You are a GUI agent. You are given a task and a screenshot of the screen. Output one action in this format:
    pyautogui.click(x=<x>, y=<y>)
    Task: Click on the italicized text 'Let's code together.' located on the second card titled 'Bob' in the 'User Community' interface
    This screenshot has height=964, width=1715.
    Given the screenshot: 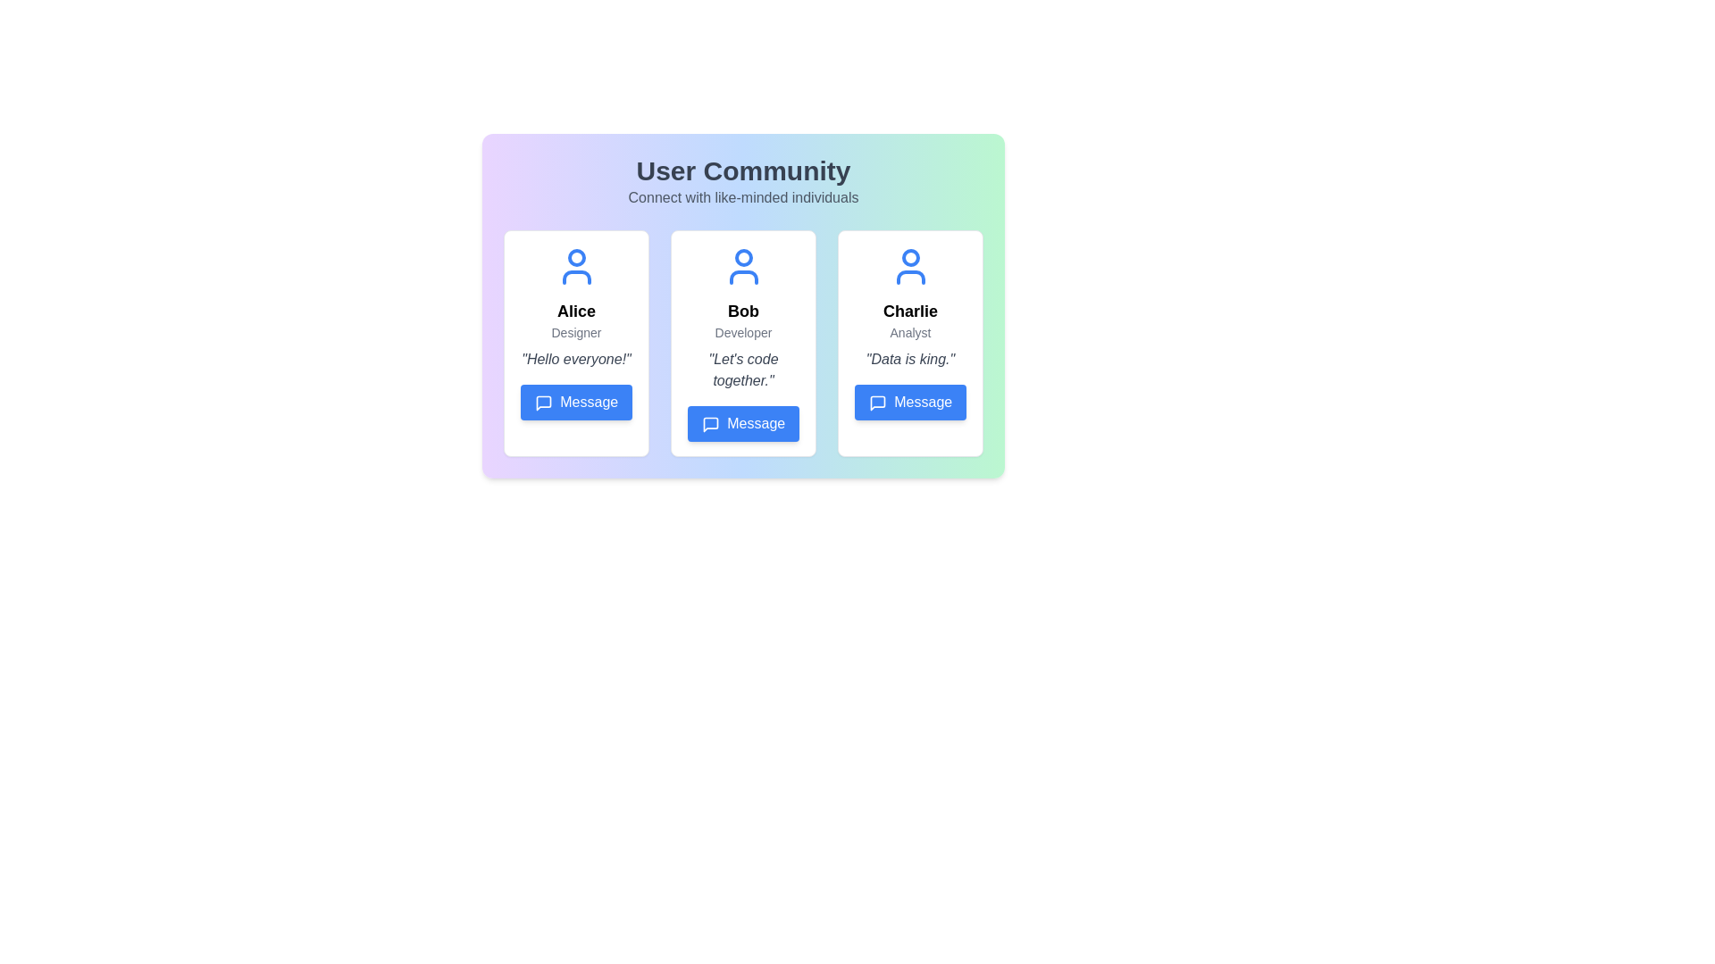 What is the action you would take?
    pyautogui.click(x=743, y=370)
    